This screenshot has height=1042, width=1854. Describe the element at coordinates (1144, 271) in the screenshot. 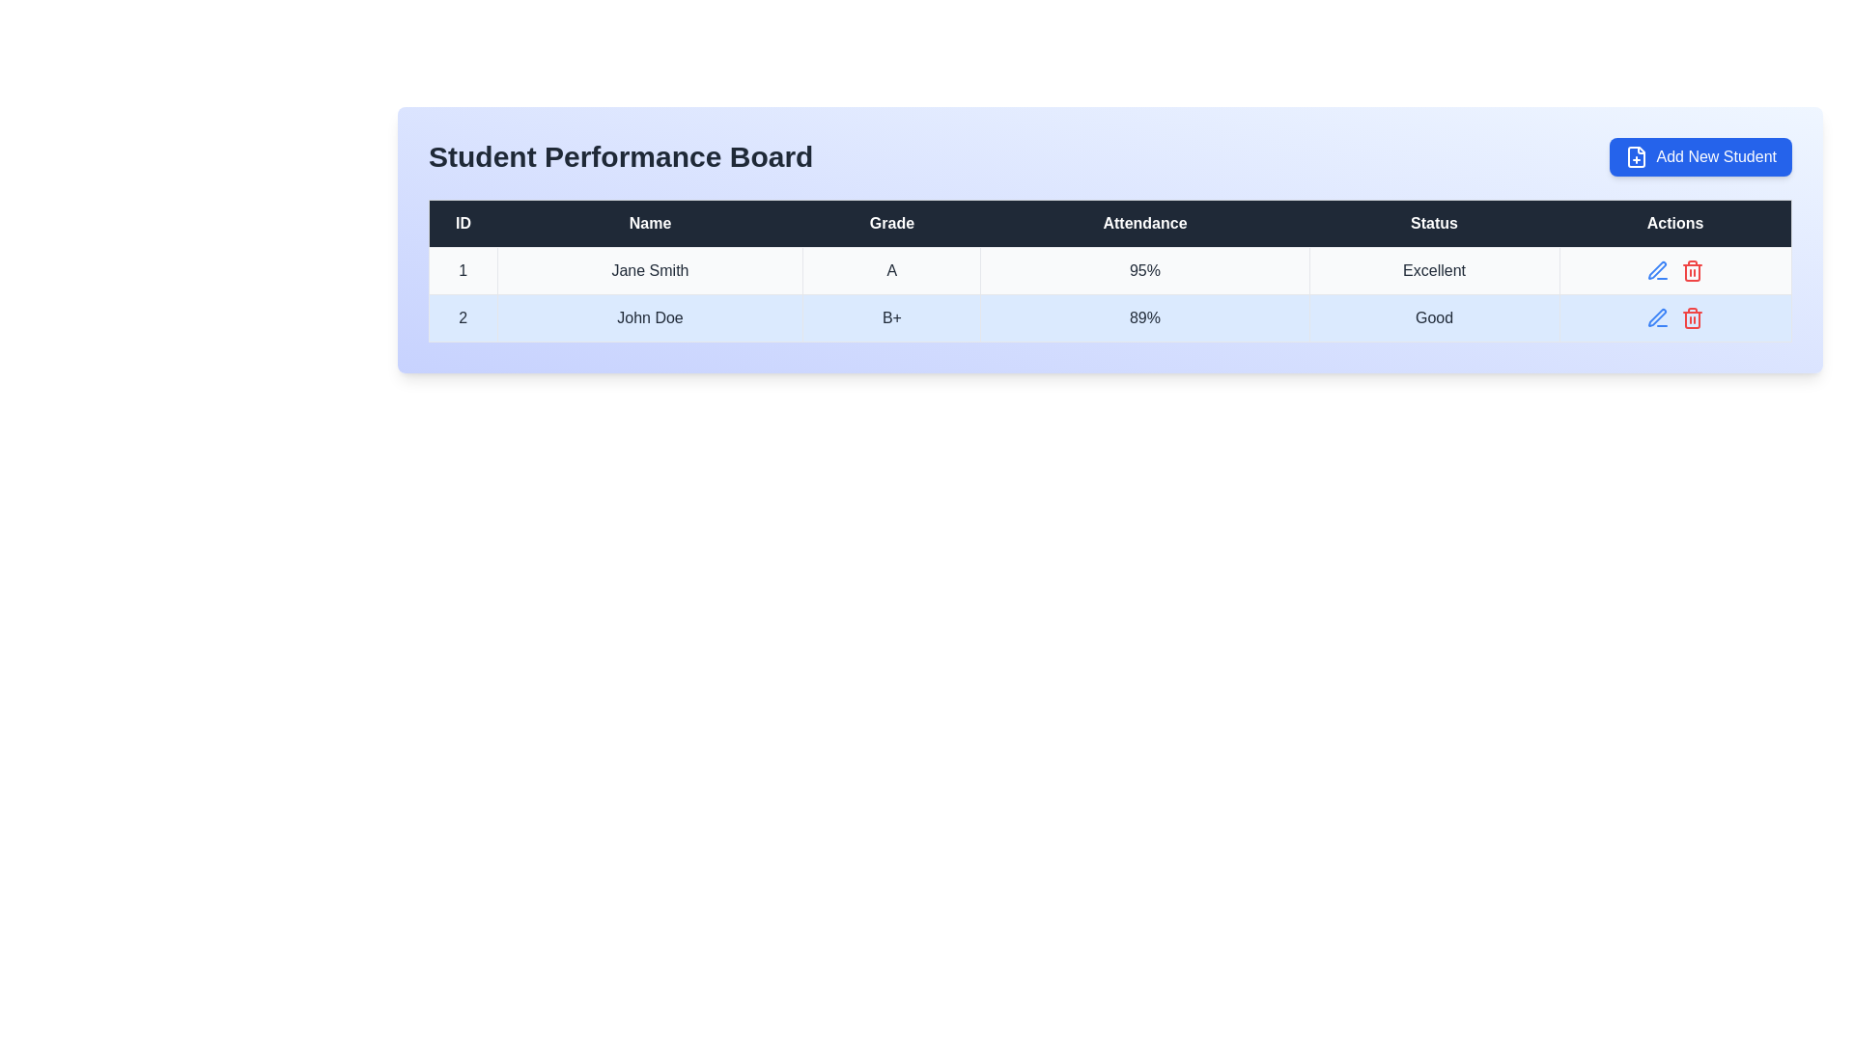

I see `displayed attendance percentage for the student 'Jane Smith' located in the 'Attendance' column, first row of the table` at that location.